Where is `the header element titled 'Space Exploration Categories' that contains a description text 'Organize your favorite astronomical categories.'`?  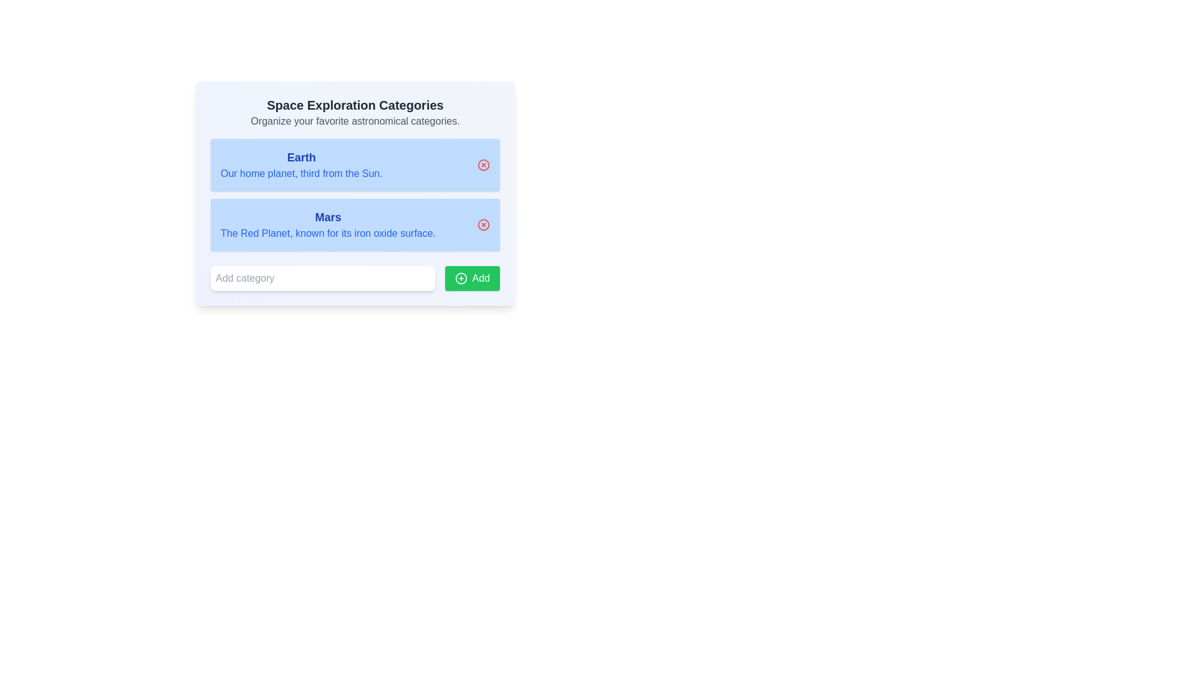
the header element titled 'Space Exploration Categories' that contains a description text 'Organize your favorite astronomical categories.' is located at coordinates (355, 113).